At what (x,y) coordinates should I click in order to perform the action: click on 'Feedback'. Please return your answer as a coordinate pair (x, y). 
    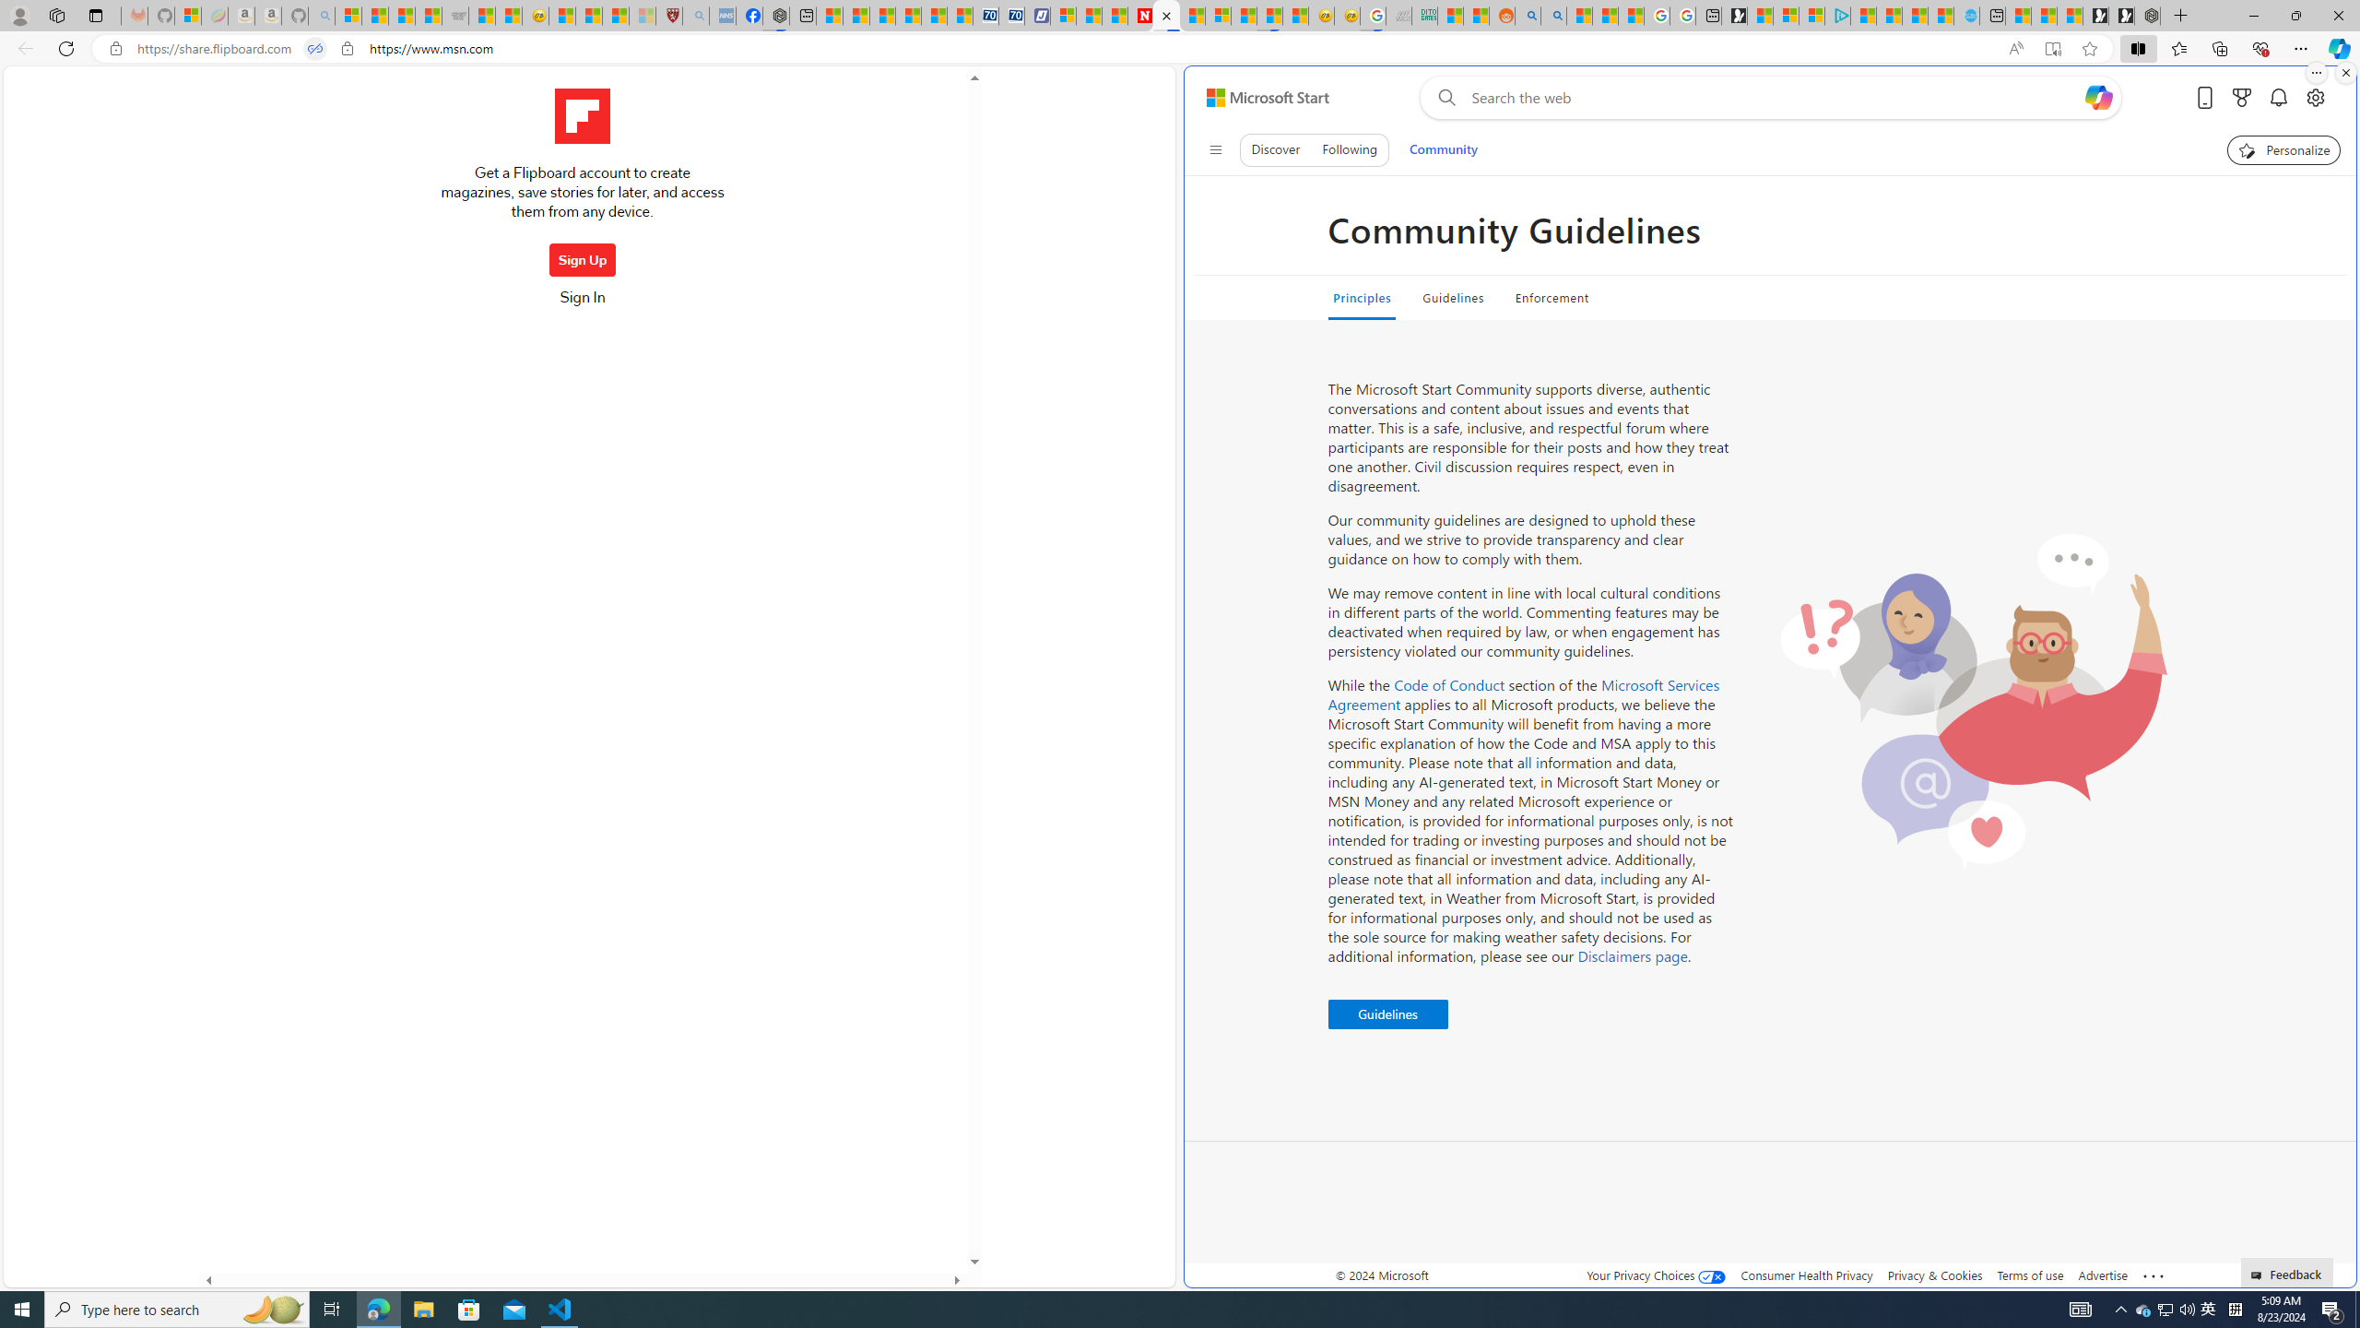
    Looking at the image, I should click on (2286, 1271).